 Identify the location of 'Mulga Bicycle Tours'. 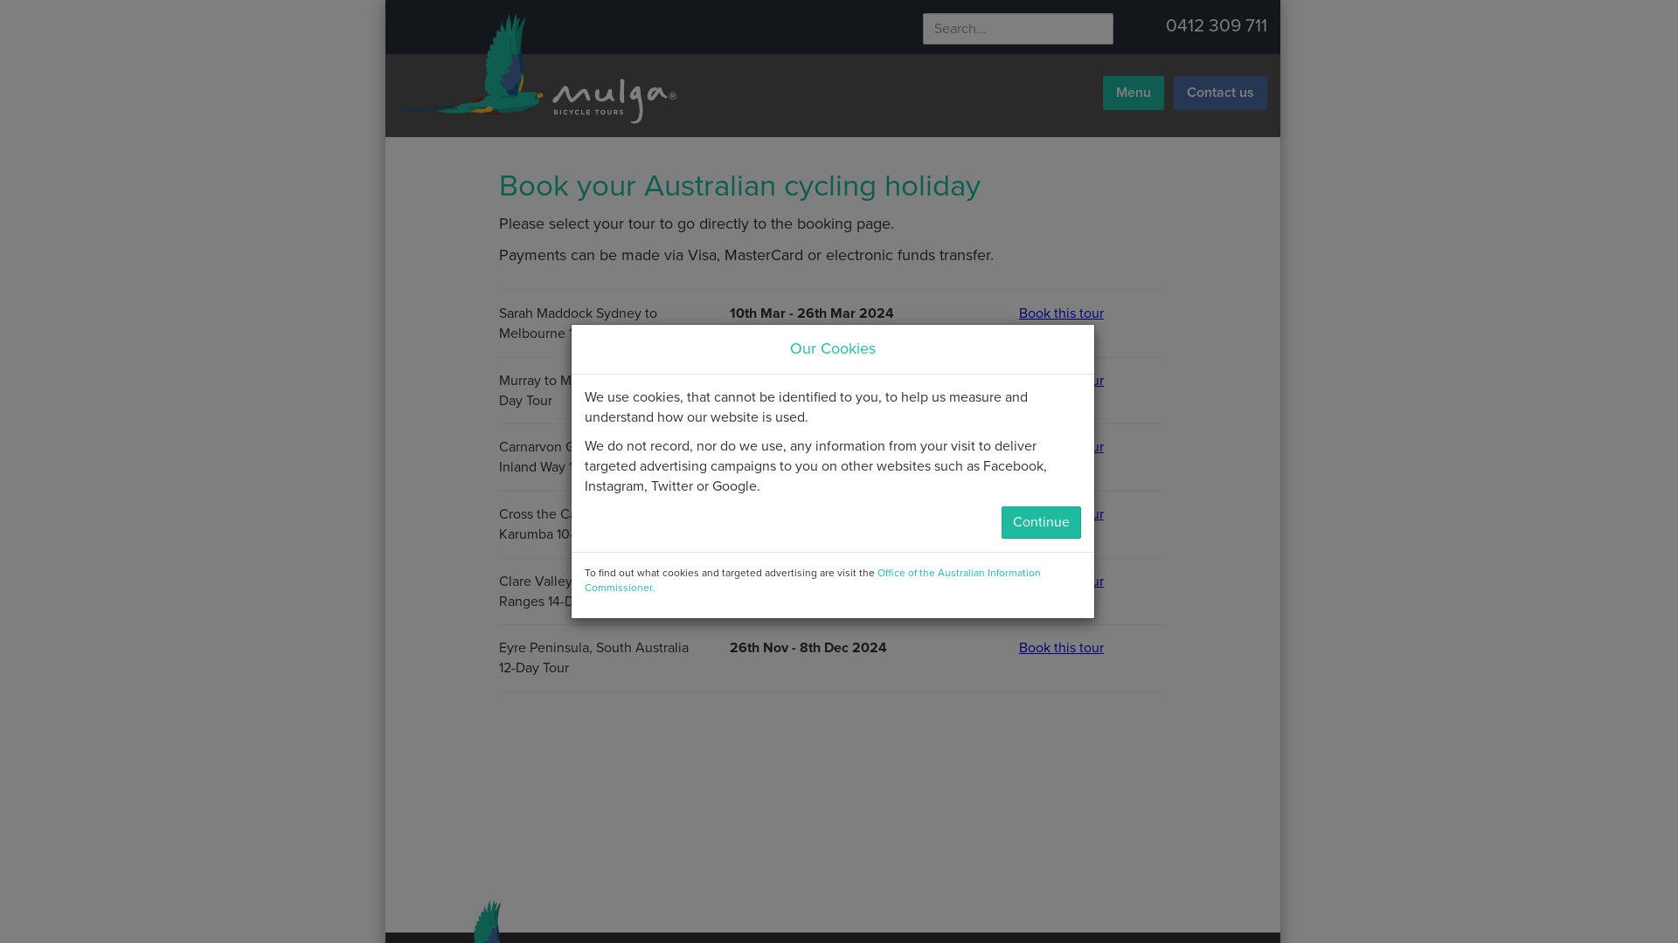
(534, 67).